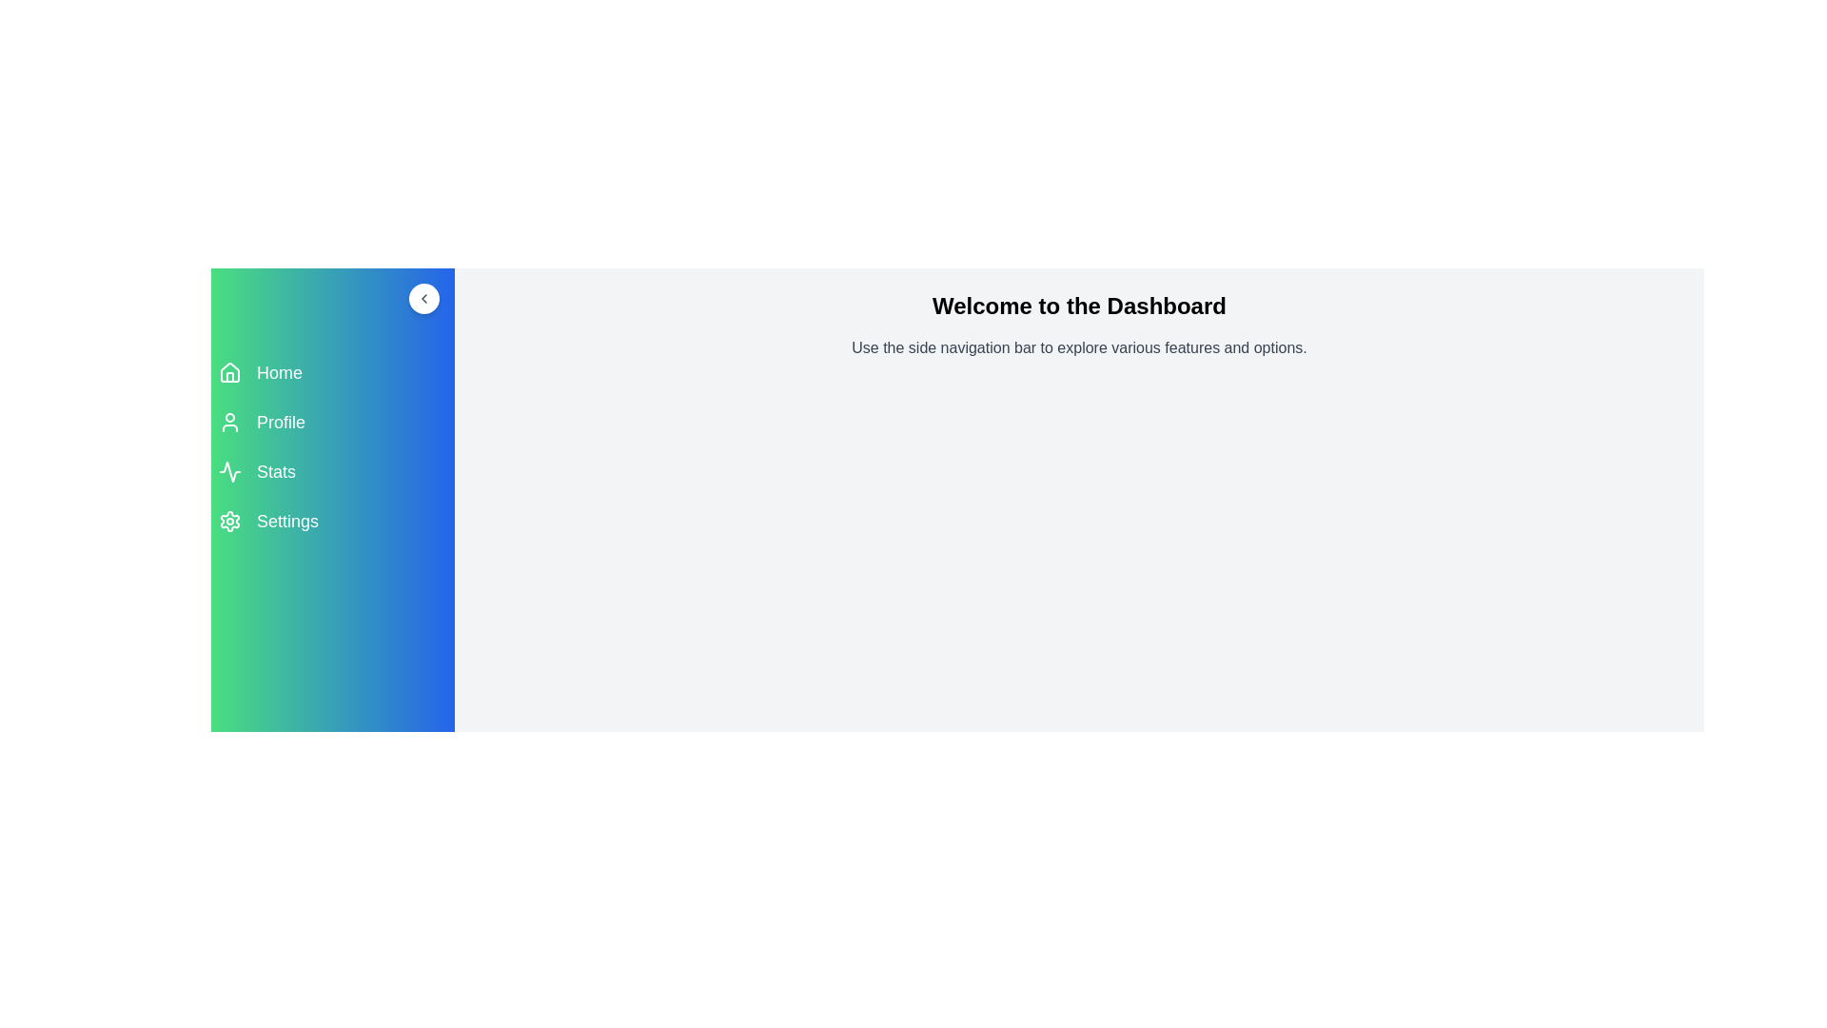 The height and width of the screenshot is (1028, 1827). I want to click on the 'Settings' button located in the side navigation bar, which is the fourth item below 'Home,' 'Profile,' and 'Stats,', so click(333, 521).